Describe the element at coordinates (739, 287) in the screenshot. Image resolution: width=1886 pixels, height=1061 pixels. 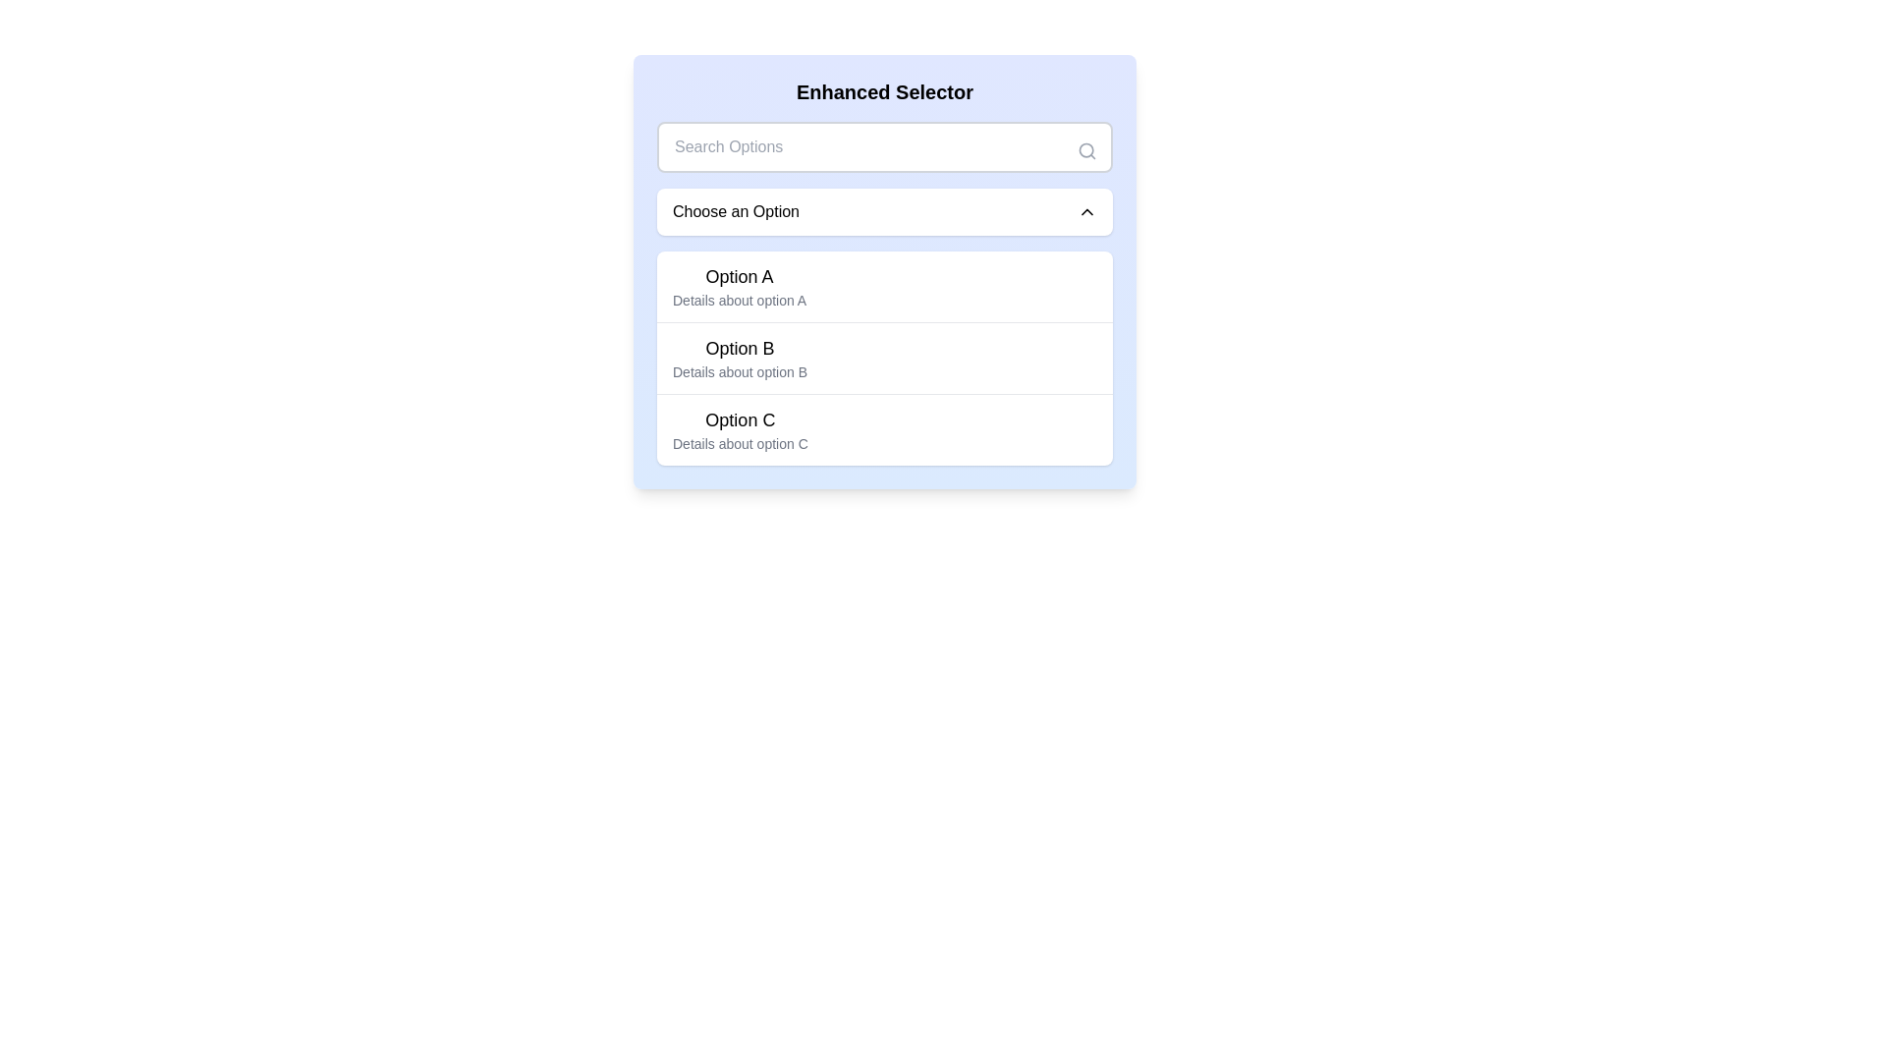
I see `the first list item labeled 'Option A'` at that location.